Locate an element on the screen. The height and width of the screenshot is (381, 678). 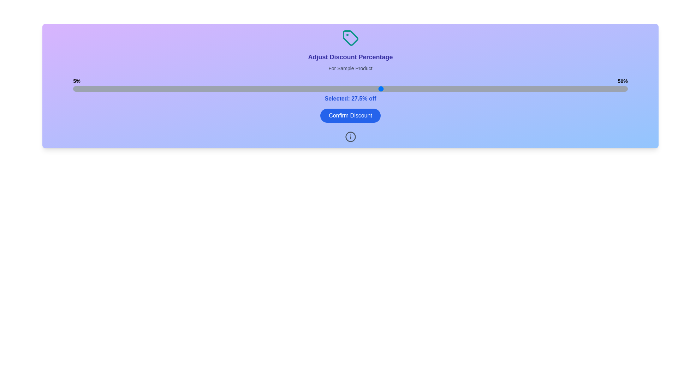
the Text Display that shows 'Selected: 27.5% off' in blue bold font, positioned below the range slider and above the 'Confirm Discount' button is located at coordinates (350, 99).